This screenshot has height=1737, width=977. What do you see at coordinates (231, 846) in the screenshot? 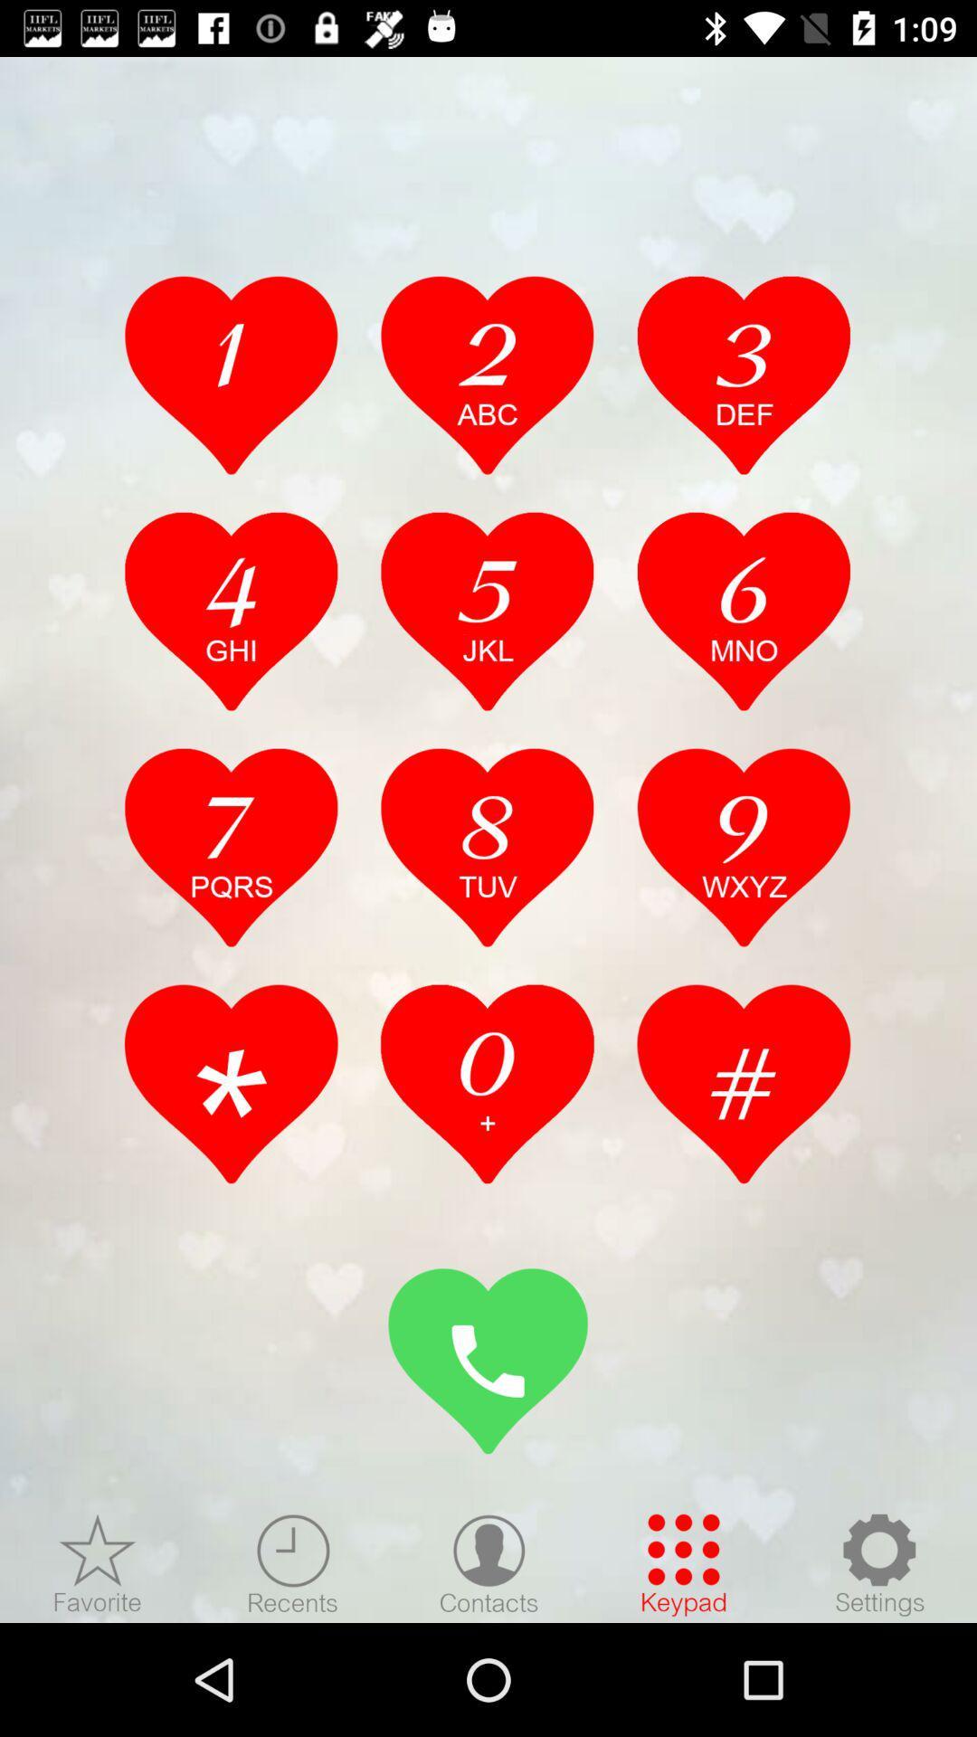
I see `number list` at bounding box center [231, 846].